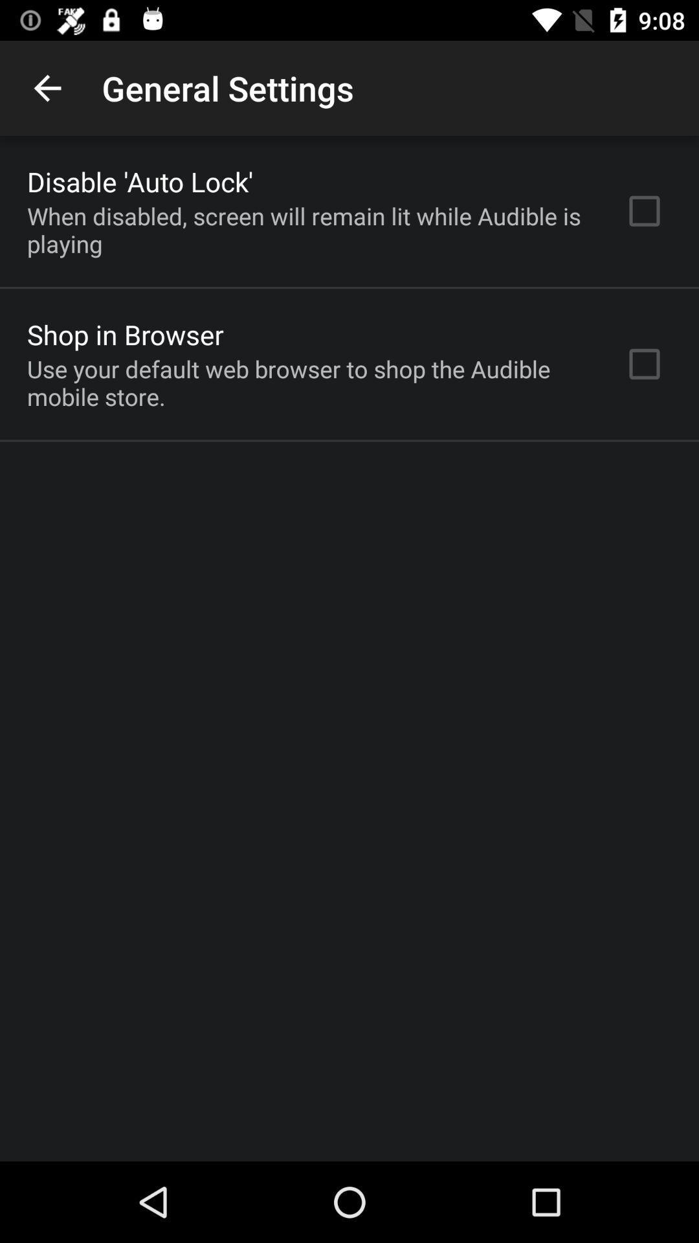  I want to click on icon below shop in browser item, so click(309, 382).